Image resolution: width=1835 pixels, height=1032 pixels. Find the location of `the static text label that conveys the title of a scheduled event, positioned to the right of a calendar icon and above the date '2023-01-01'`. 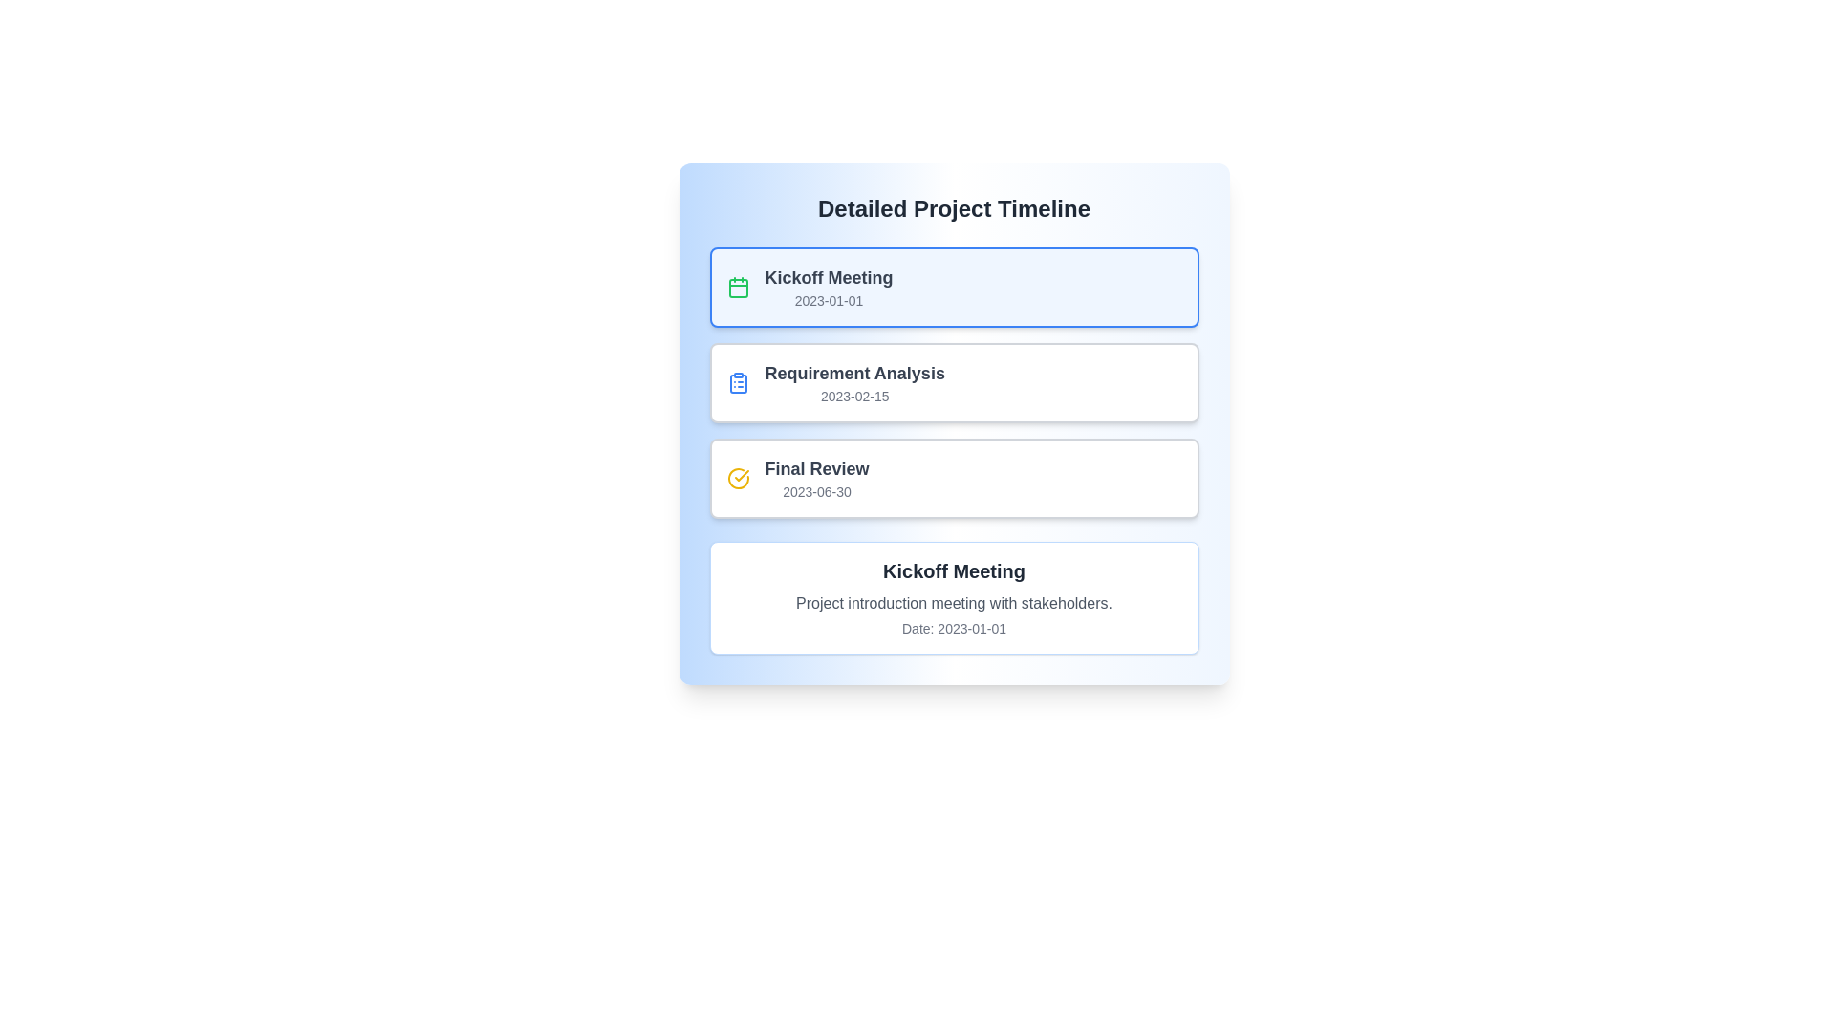

the static text label that conveys the title of a scheduled event, positioned to the right of a calendar icon and above the date '2023-01-01' is located at coordinates (829, 277).